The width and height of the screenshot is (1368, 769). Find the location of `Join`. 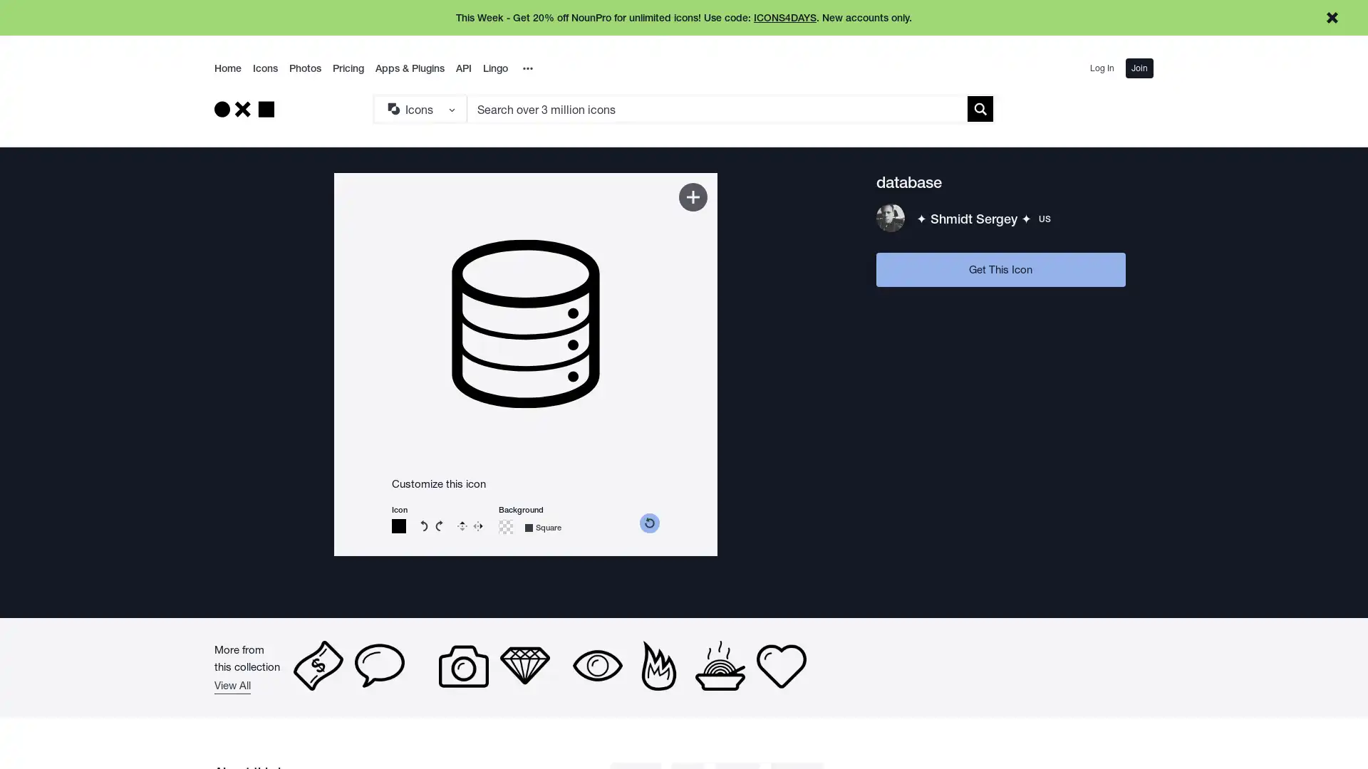

Join is located at coordinates (1139, 68).